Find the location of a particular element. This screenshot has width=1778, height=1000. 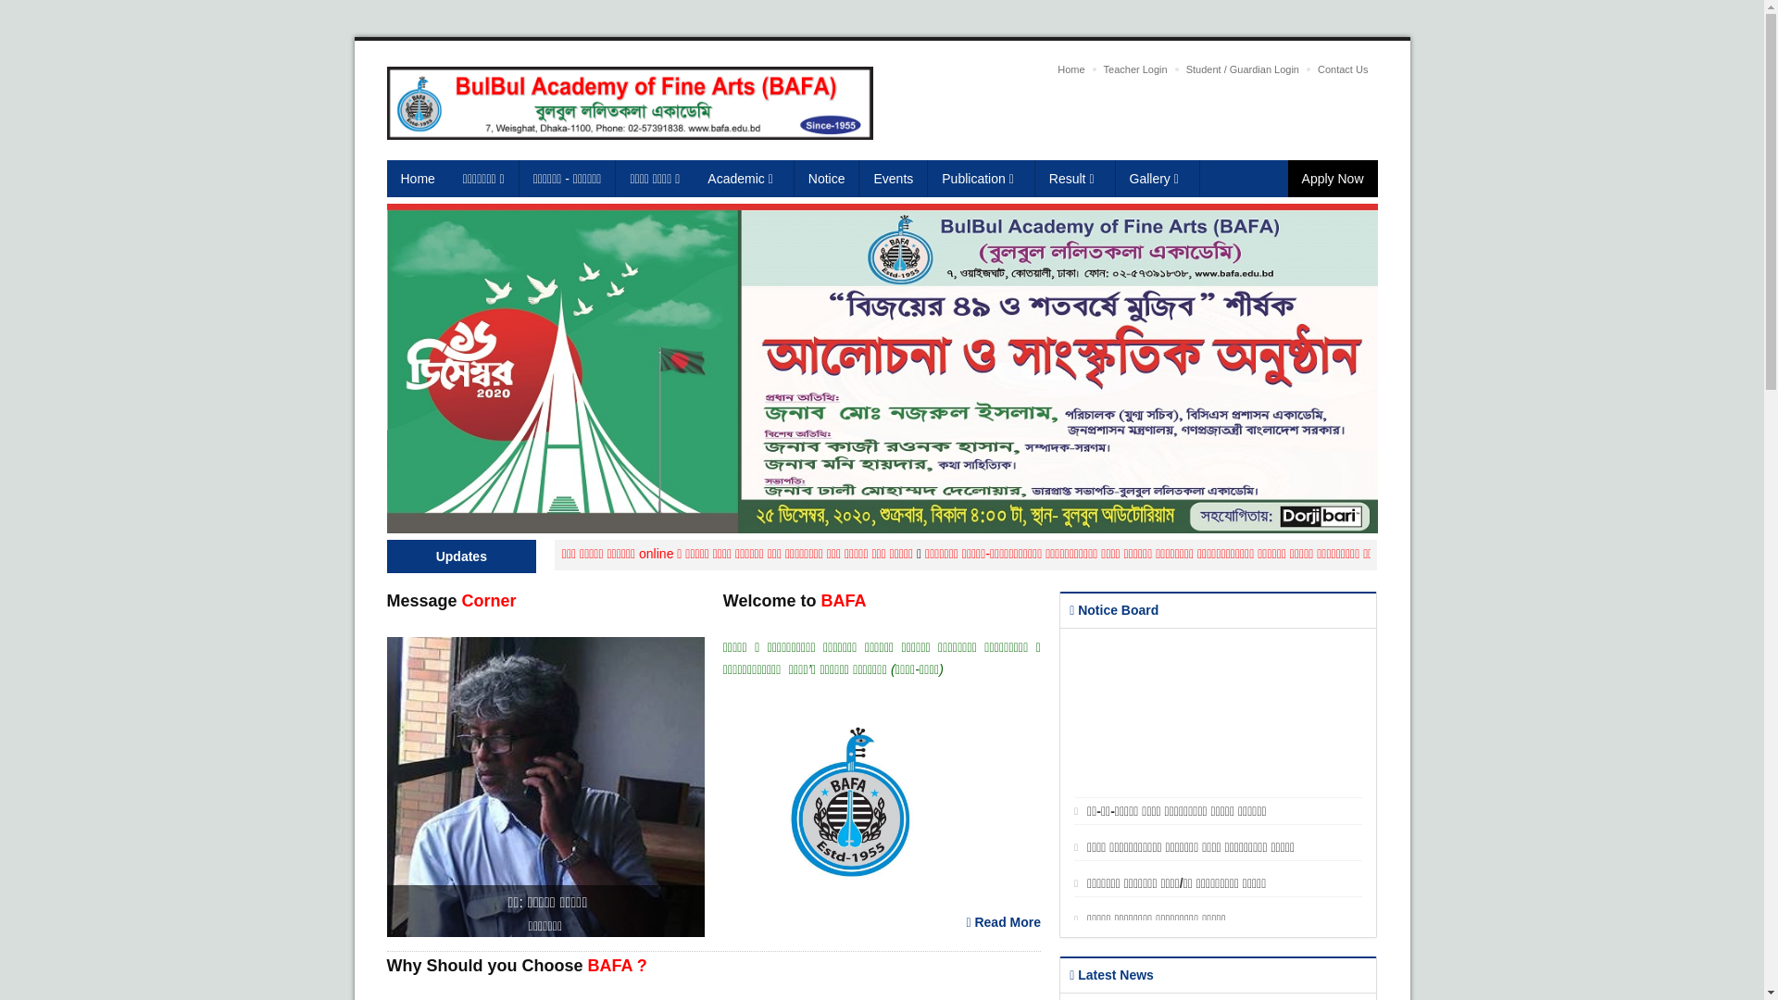

'Apply Now' is located at coordinates (1287, 178).